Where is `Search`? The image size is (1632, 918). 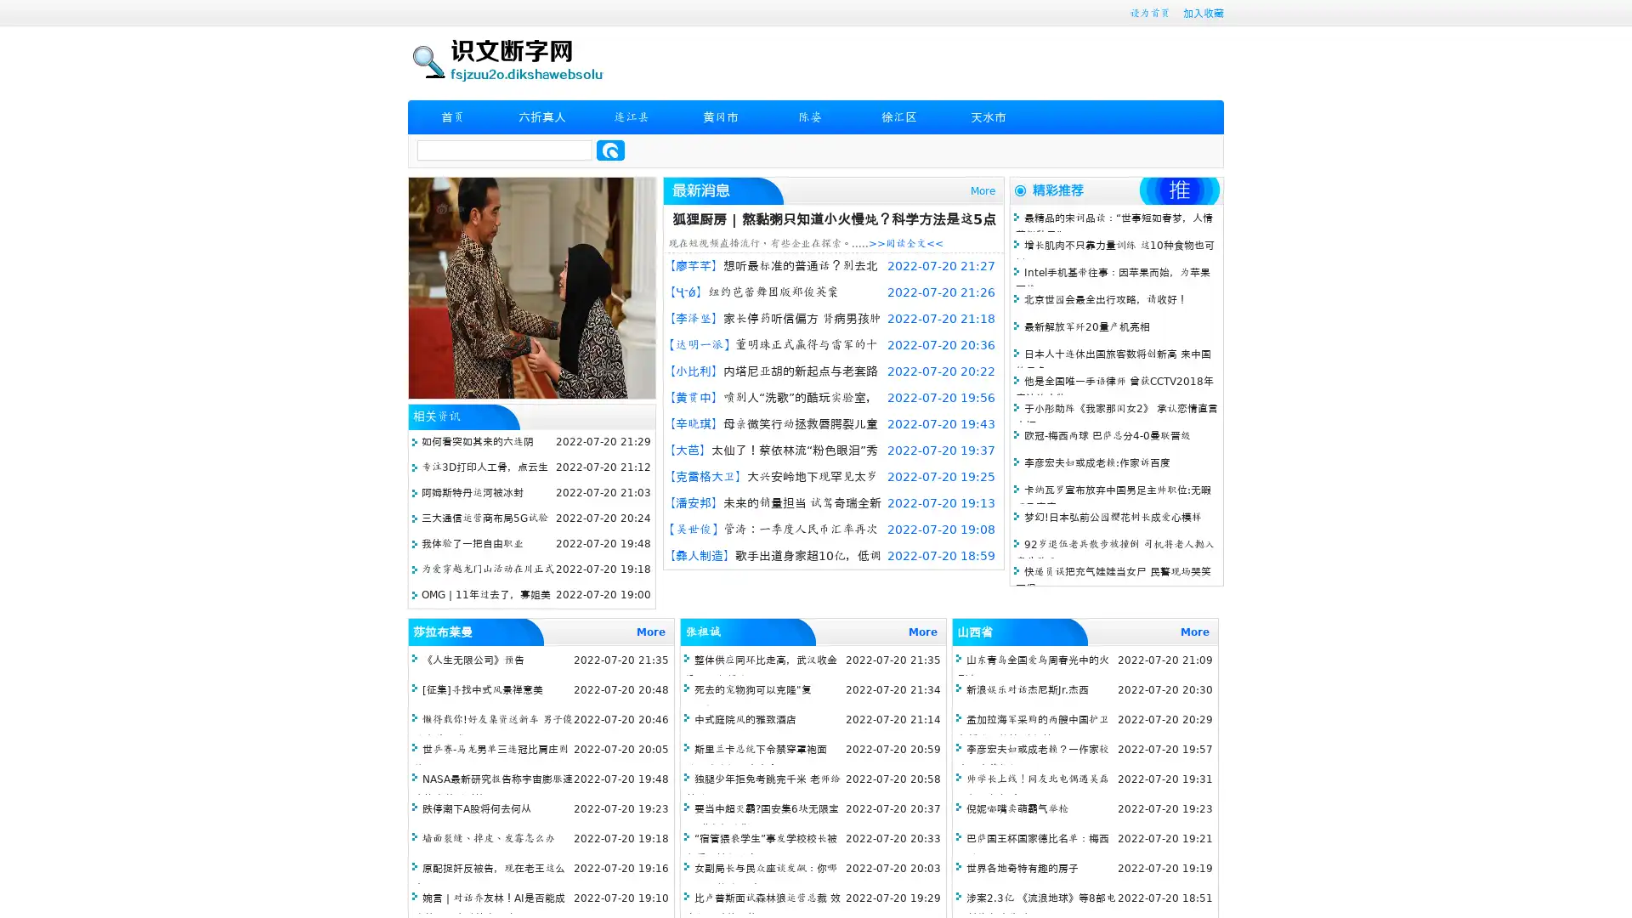
Search is located at coordinates (610, 150).